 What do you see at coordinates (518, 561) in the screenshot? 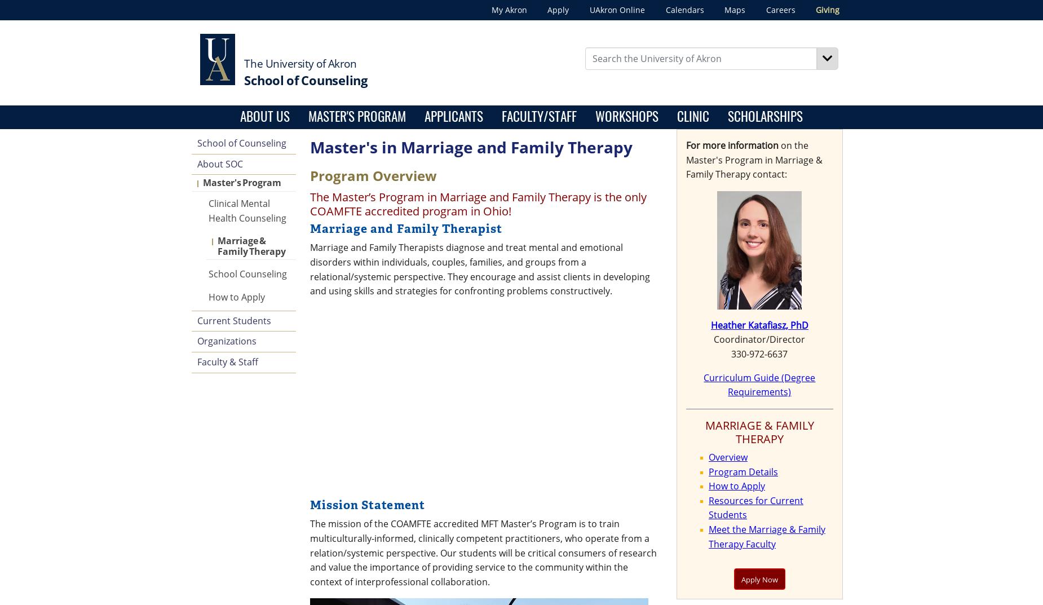
I see `'3'` at bounding box center [518, 561].